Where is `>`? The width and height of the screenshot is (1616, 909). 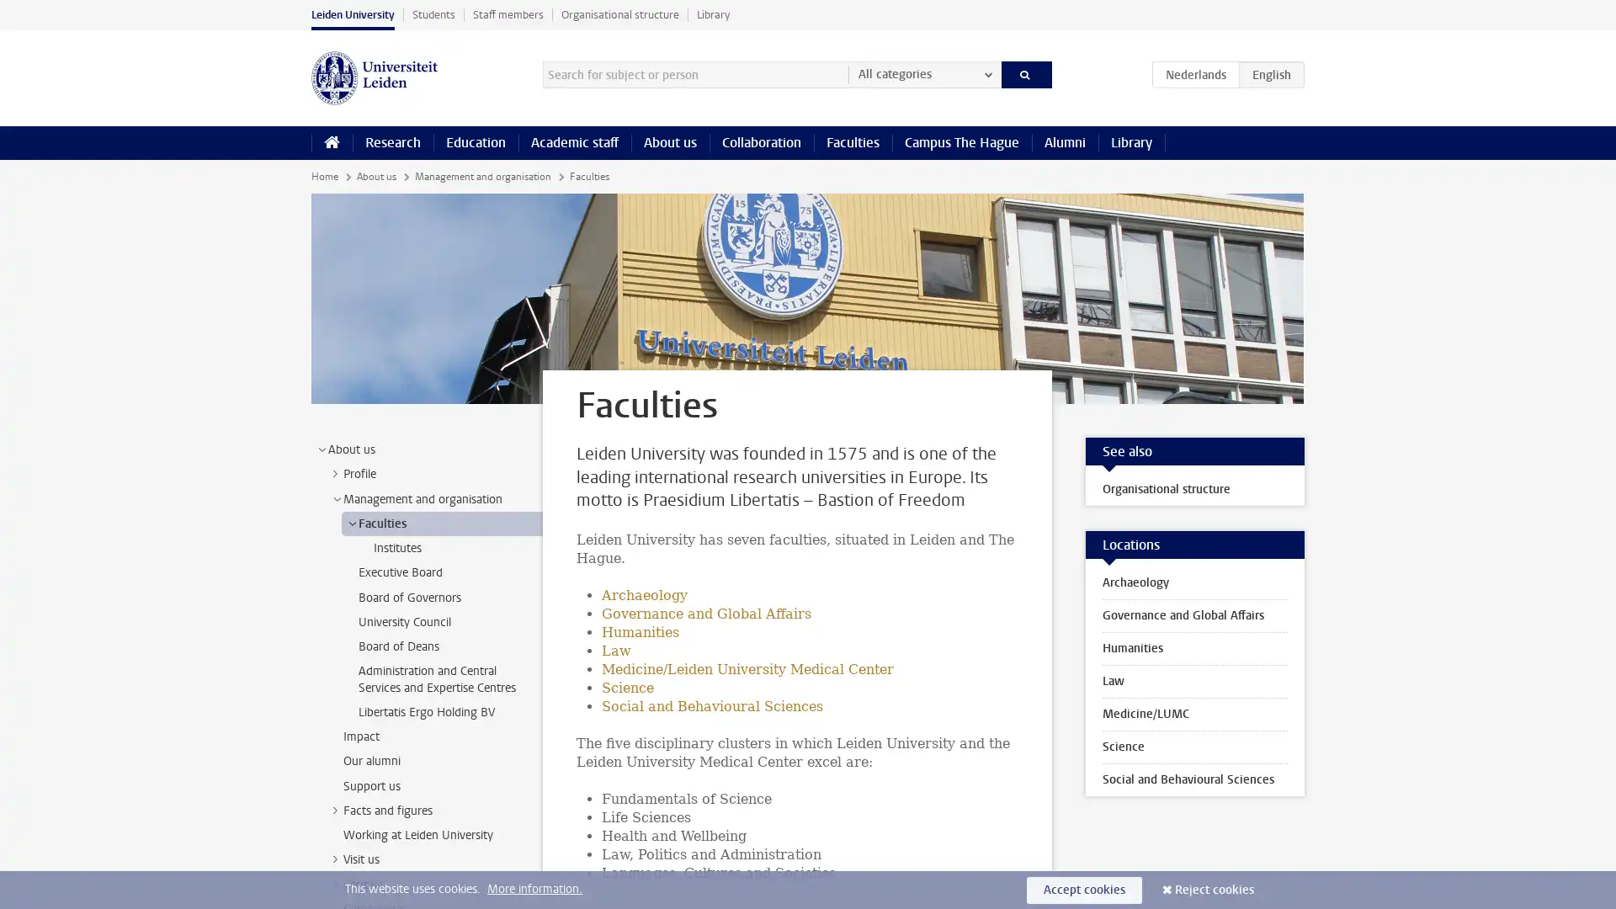 > is located at coordinates (335, 474).